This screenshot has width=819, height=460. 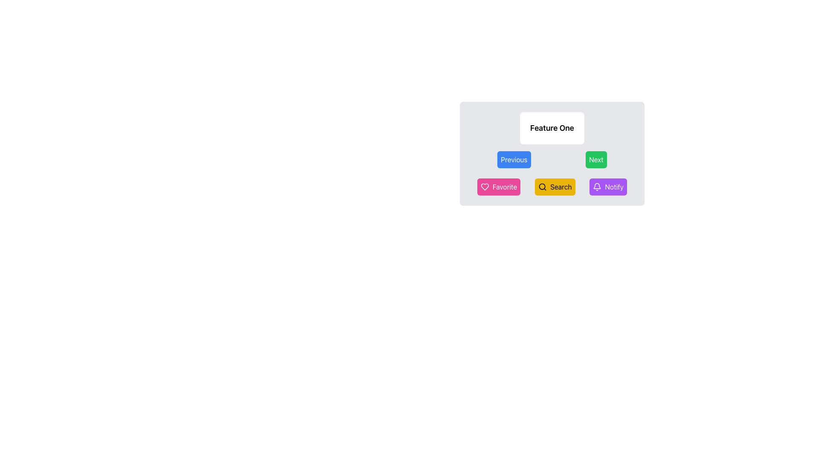 I want to click on inside the panel with a white background and rounded corners to interact with its components, including navigation and action buttons, so click(x=552, y=190).